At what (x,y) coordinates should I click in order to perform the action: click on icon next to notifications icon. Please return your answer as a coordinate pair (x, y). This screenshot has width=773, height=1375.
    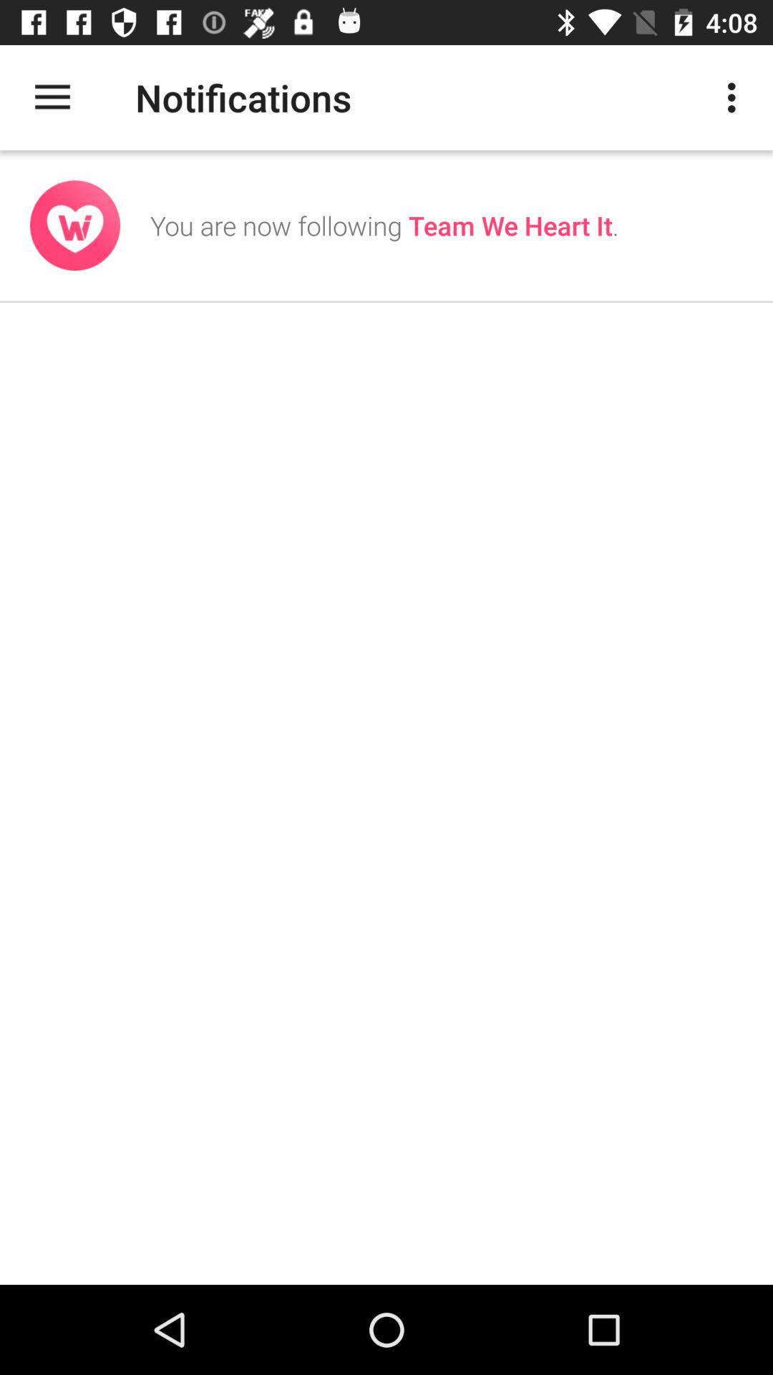
    Looking at the image, I should click on (52, 97).